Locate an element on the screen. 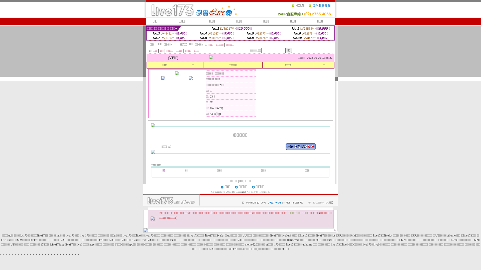  '.' is located at coordinates (12, 253).